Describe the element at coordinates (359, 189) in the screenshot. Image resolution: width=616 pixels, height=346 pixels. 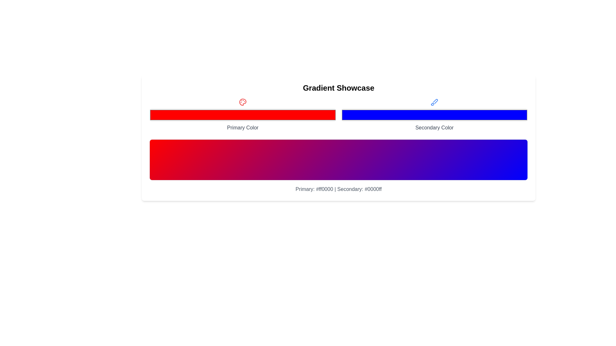
I see `the static text displaying the hexadecimal color code for the secondary color, located to the right of 'Primary: #ff0000' in the middle section of the display` at that location.